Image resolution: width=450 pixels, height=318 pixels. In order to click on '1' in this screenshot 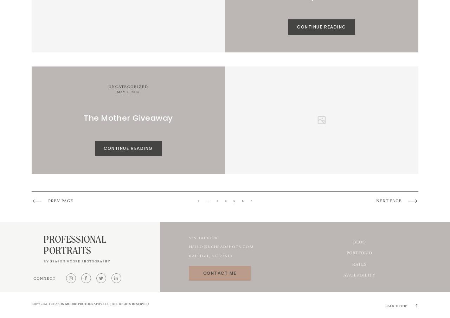, I will do `click(198, 200)`.